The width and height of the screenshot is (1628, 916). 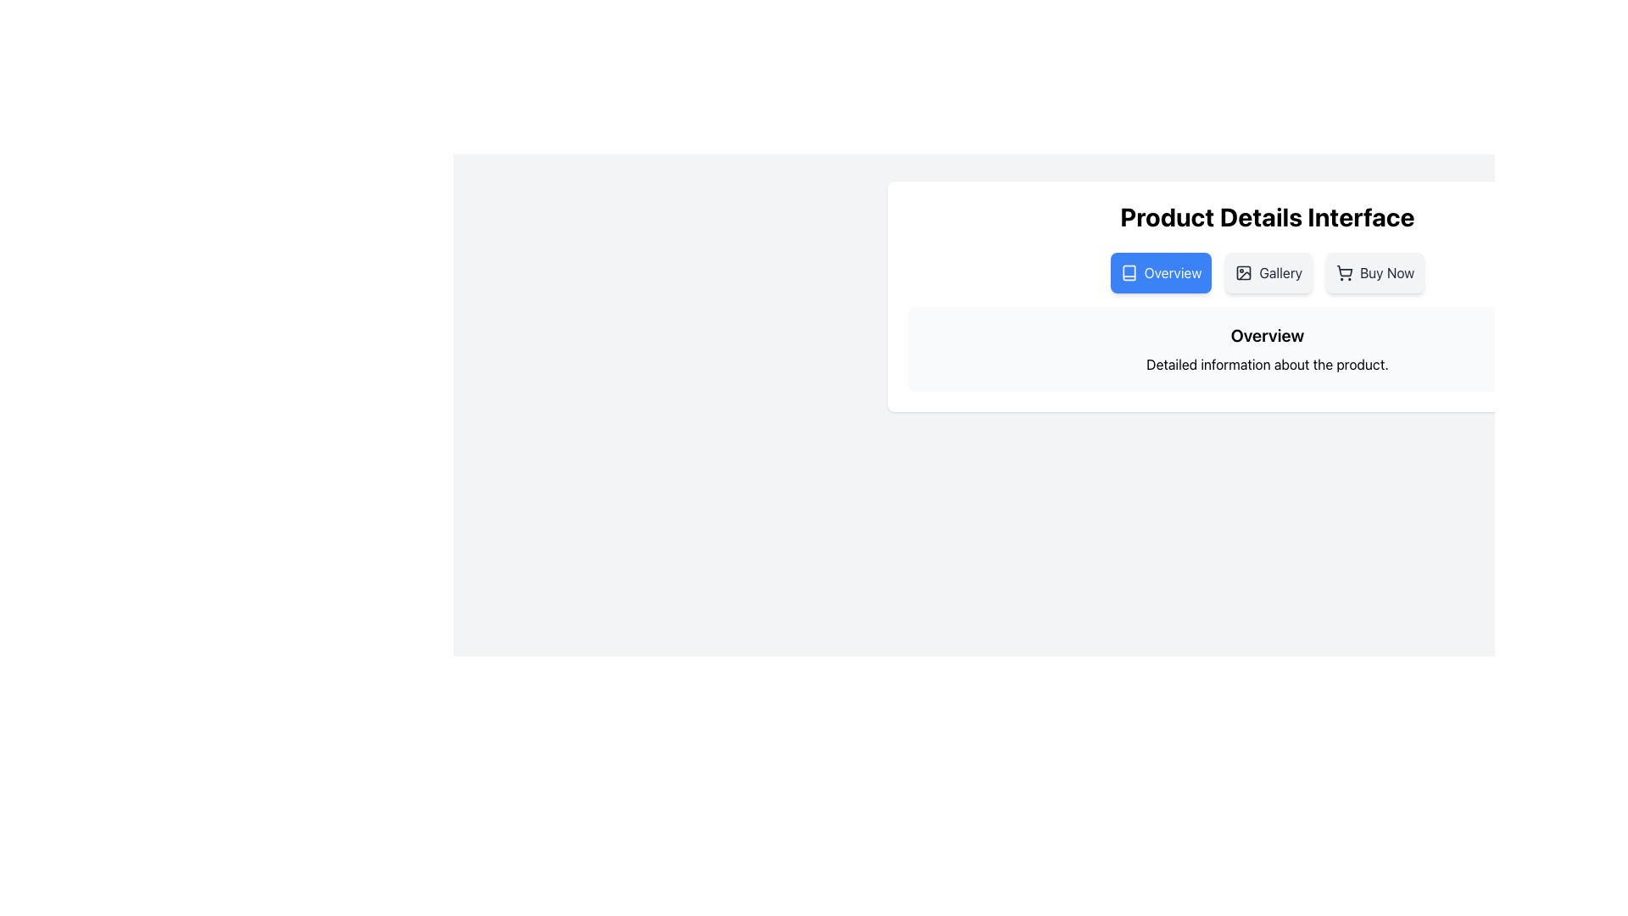 I want to click on the small white book icon embedded in the blue rectangular button labeled 'Overview', which is located on the left side of the button's text, so click(x=1129, y=271).